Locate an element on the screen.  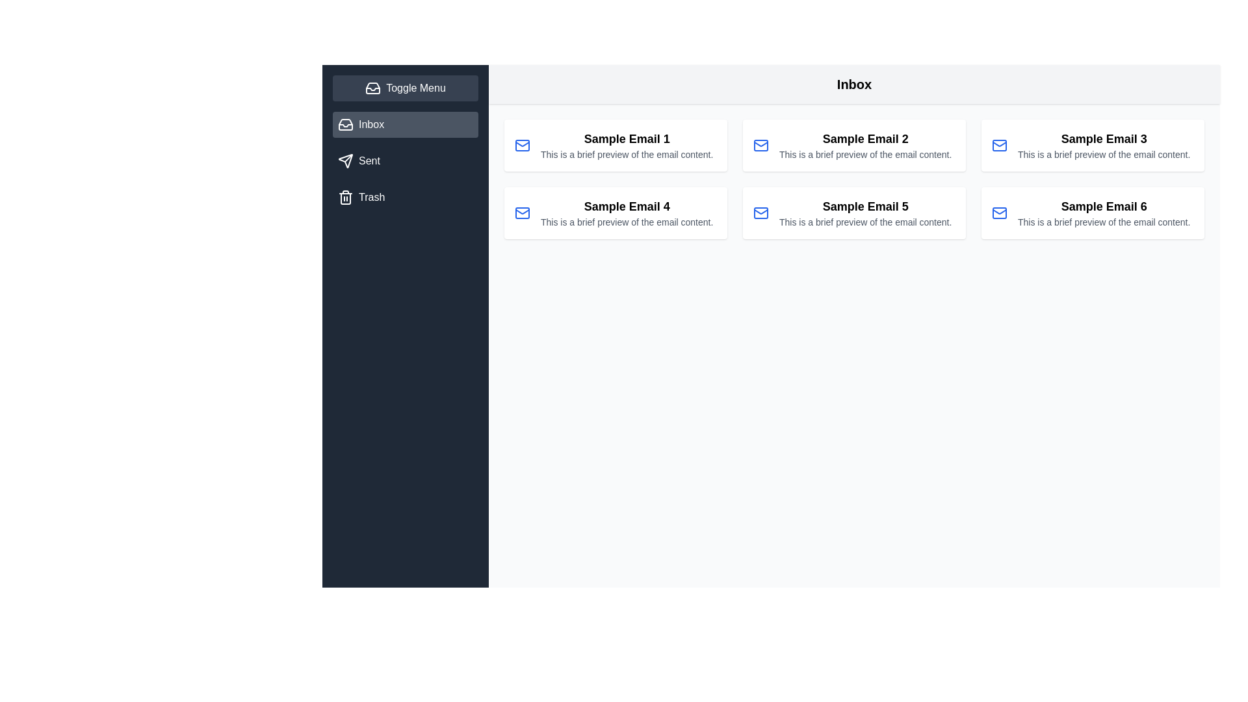
the email message icon located at the top-left corner of the card labeled 'Sample Email 1' is located at coordinates (523, 145).